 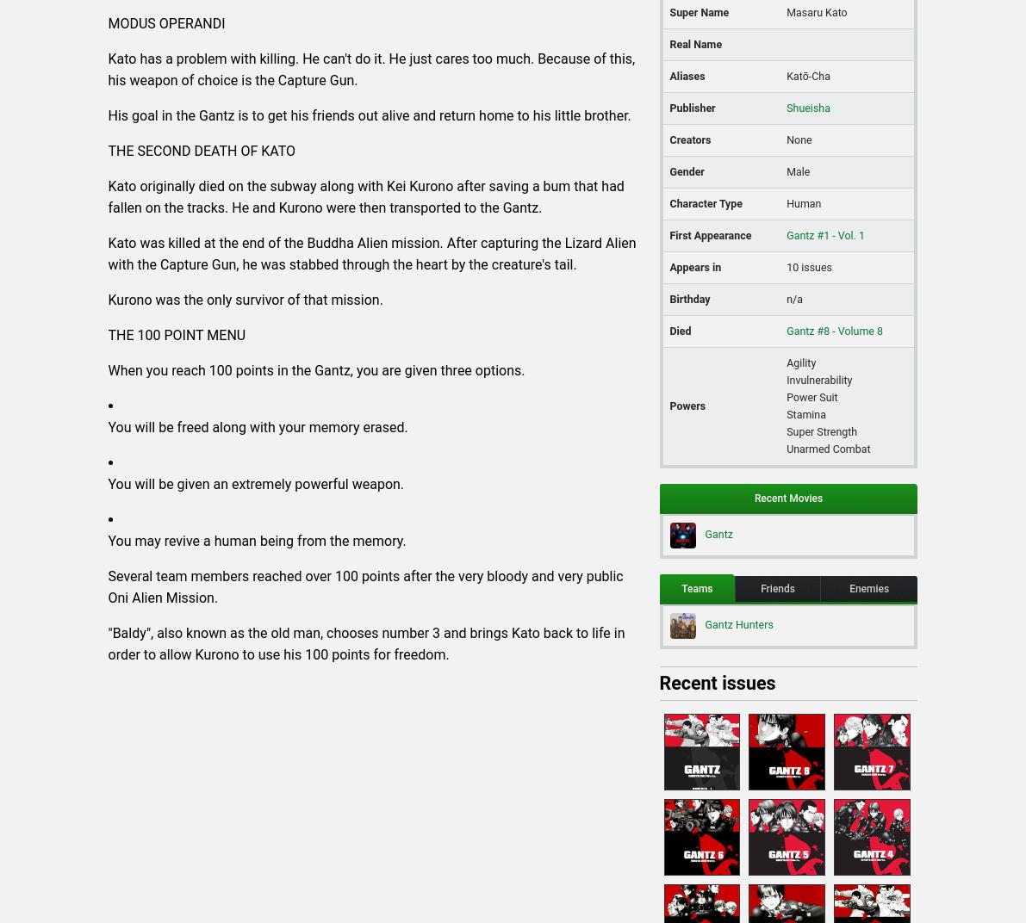 What do you see at coordinates (256, 482) in the screenshot?
I see `'You will be given an extremely powerful weapon.'` at bounding box center [256, 482].